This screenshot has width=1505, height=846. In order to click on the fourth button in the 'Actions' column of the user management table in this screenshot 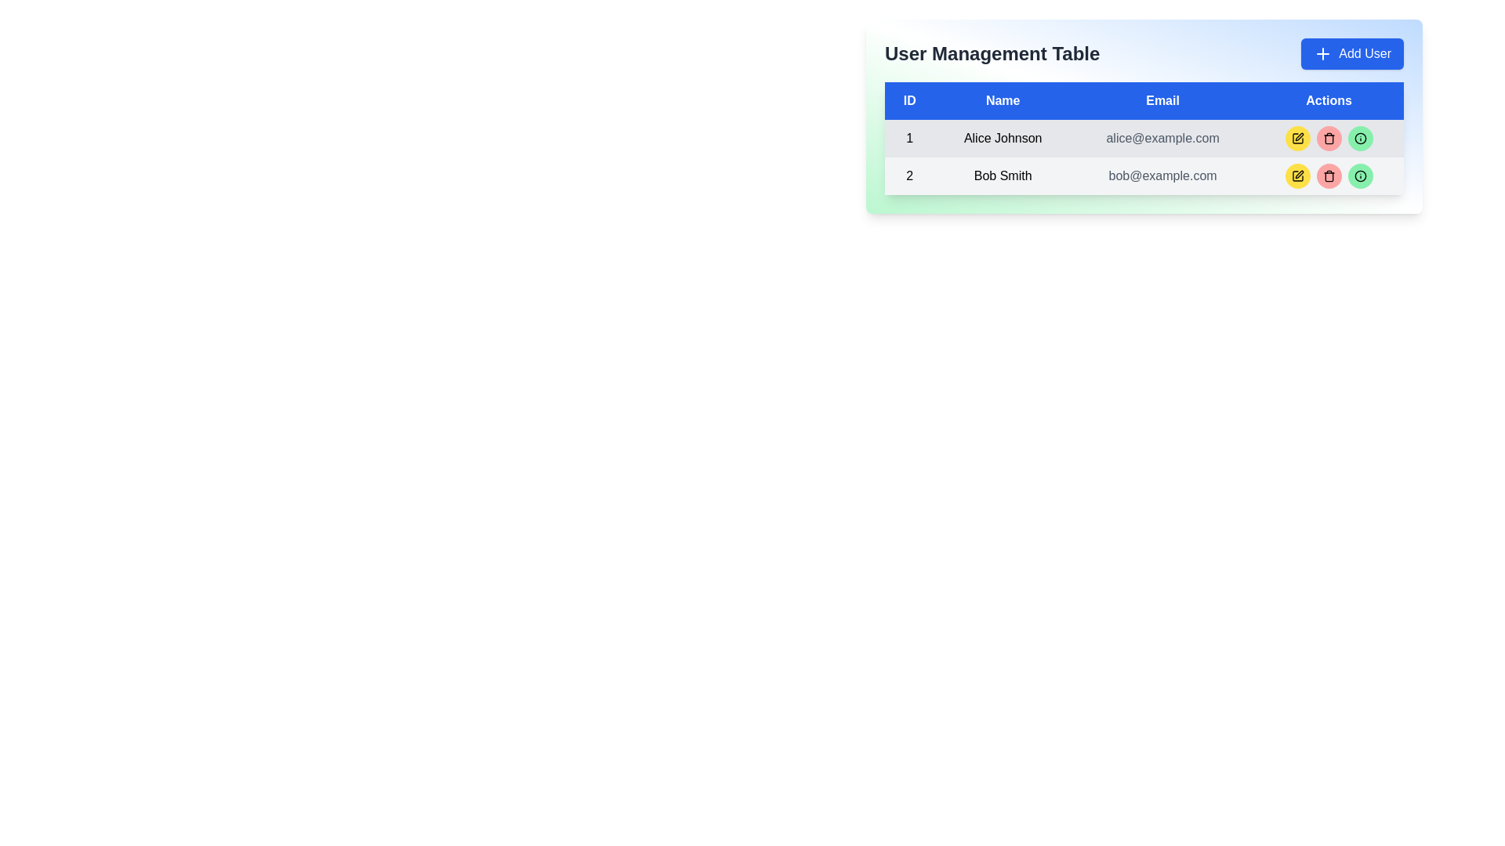, I will do `click(1359, 138)`.